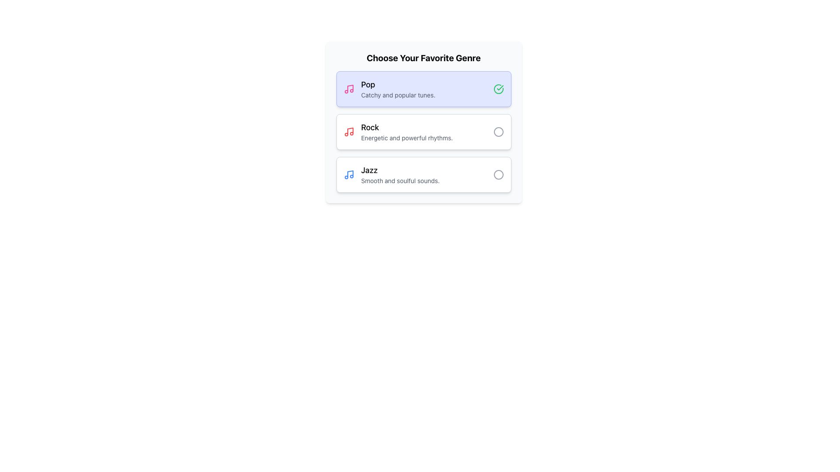 Image resolution: width=840 pixels, height=472 pixels. What do you see at coordinates (427, 95) in the screenshot?
I see `additional information text label providing details about the 'Pop' genre, which is located beneath the title 'Pop' in the genre selection list` at bounding box center [427, 95].